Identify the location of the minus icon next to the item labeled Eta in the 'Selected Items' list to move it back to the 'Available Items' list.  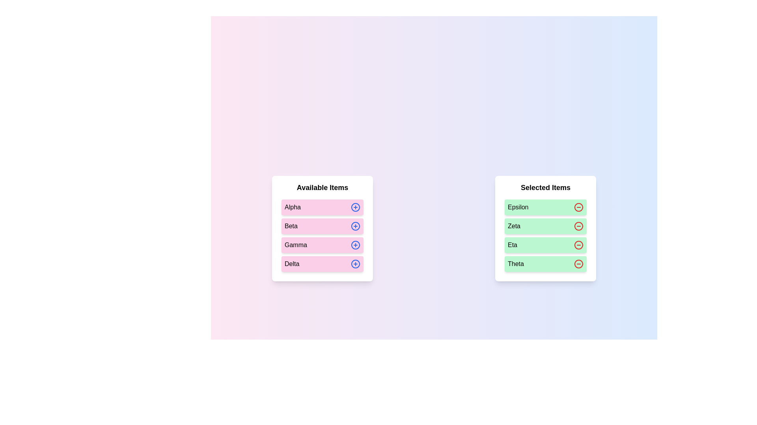
(579, 245).